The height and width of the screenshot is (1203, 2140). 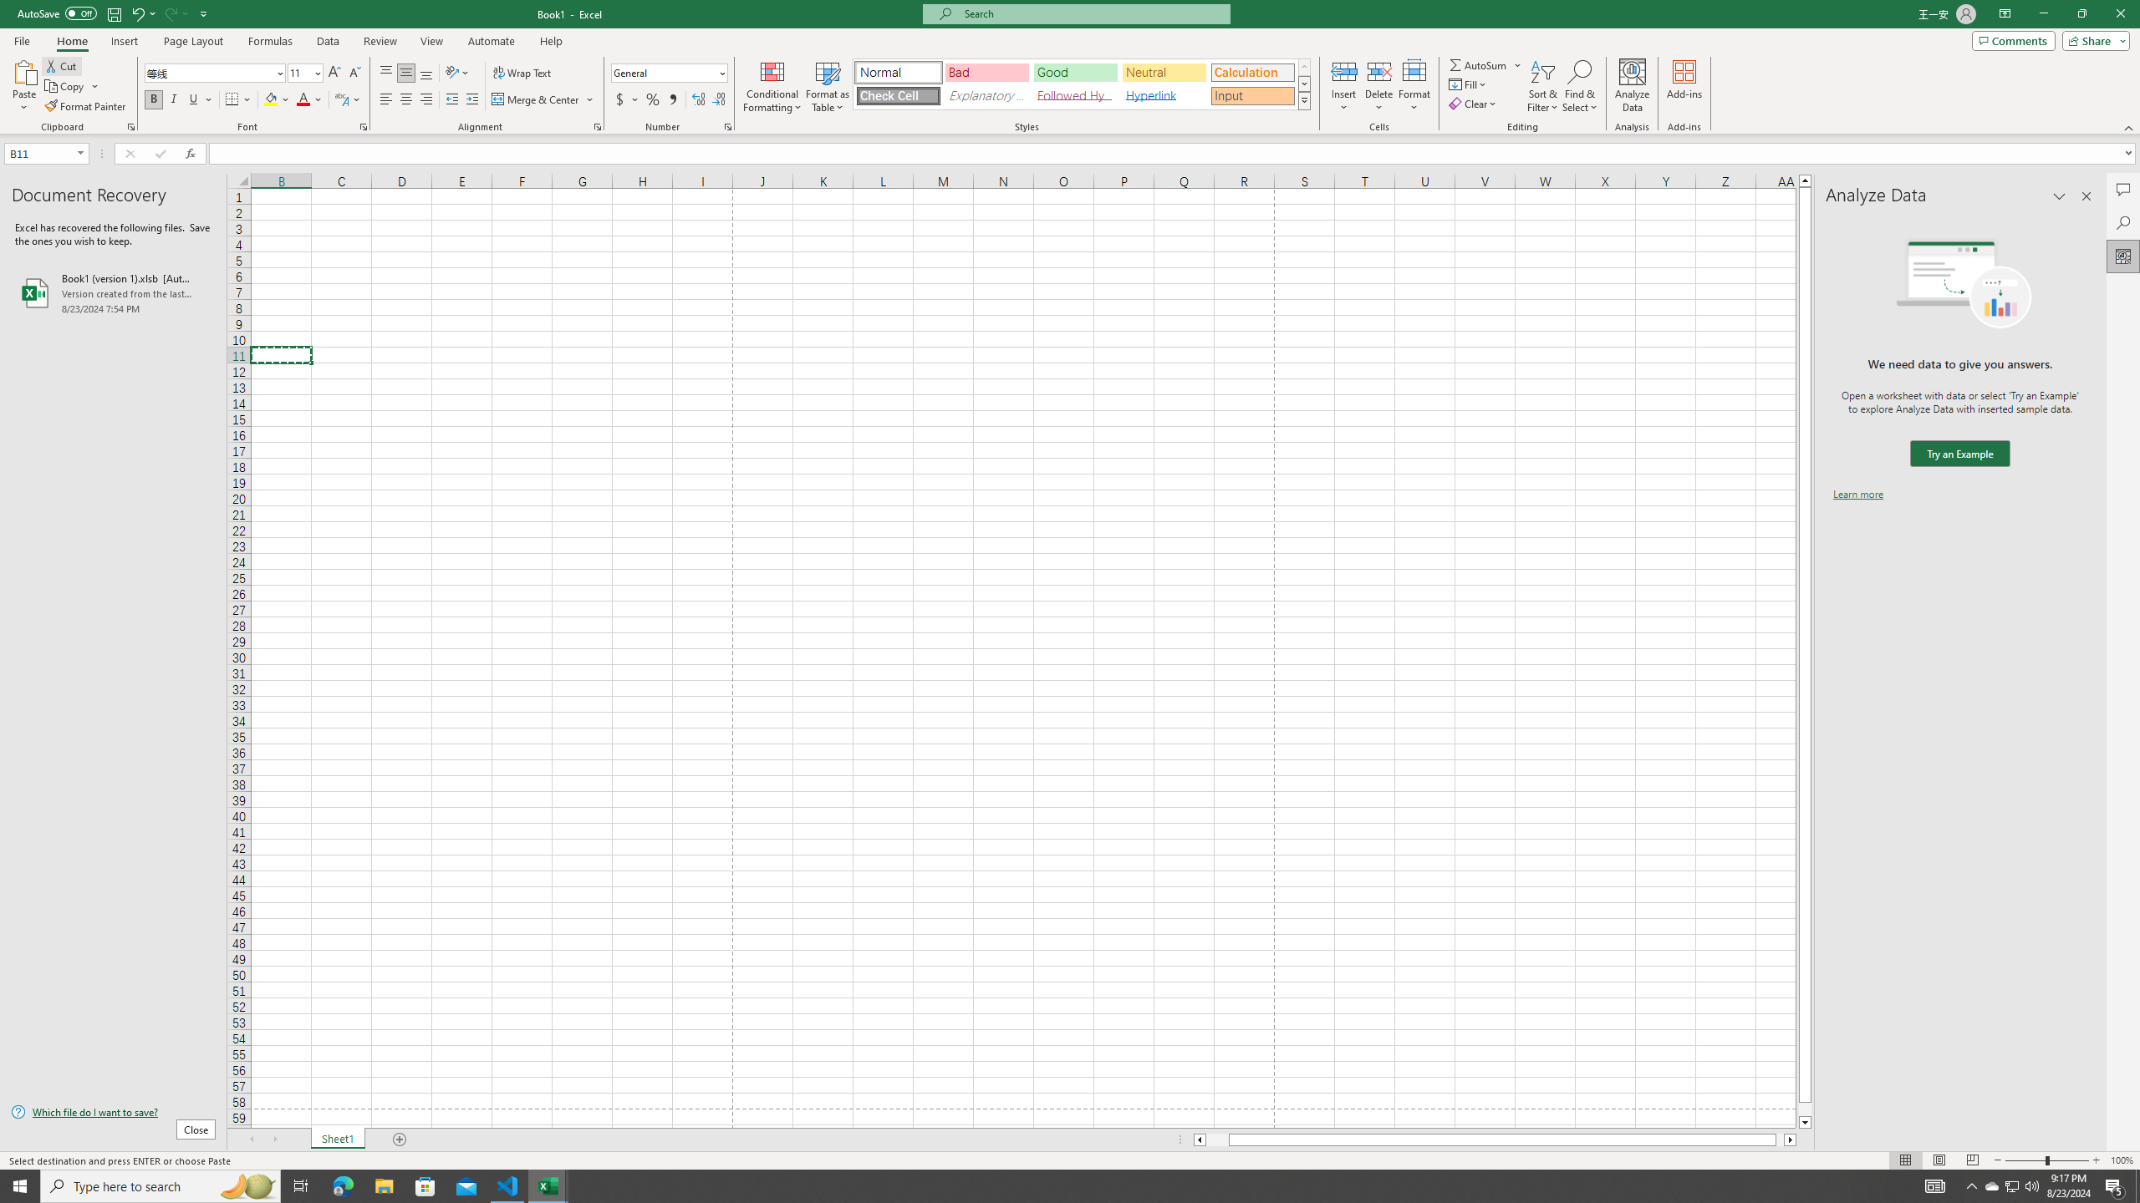 I want to click on 'Font Color', so click(x=309, y=99).